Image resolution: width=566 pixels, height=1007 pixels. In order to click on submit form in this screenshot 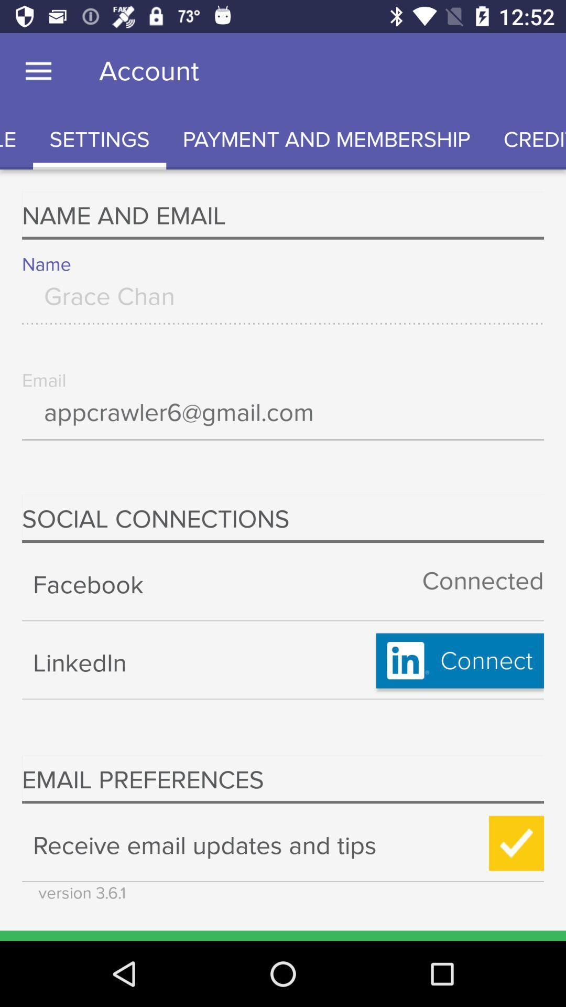, I will do `click(516, 843)`.